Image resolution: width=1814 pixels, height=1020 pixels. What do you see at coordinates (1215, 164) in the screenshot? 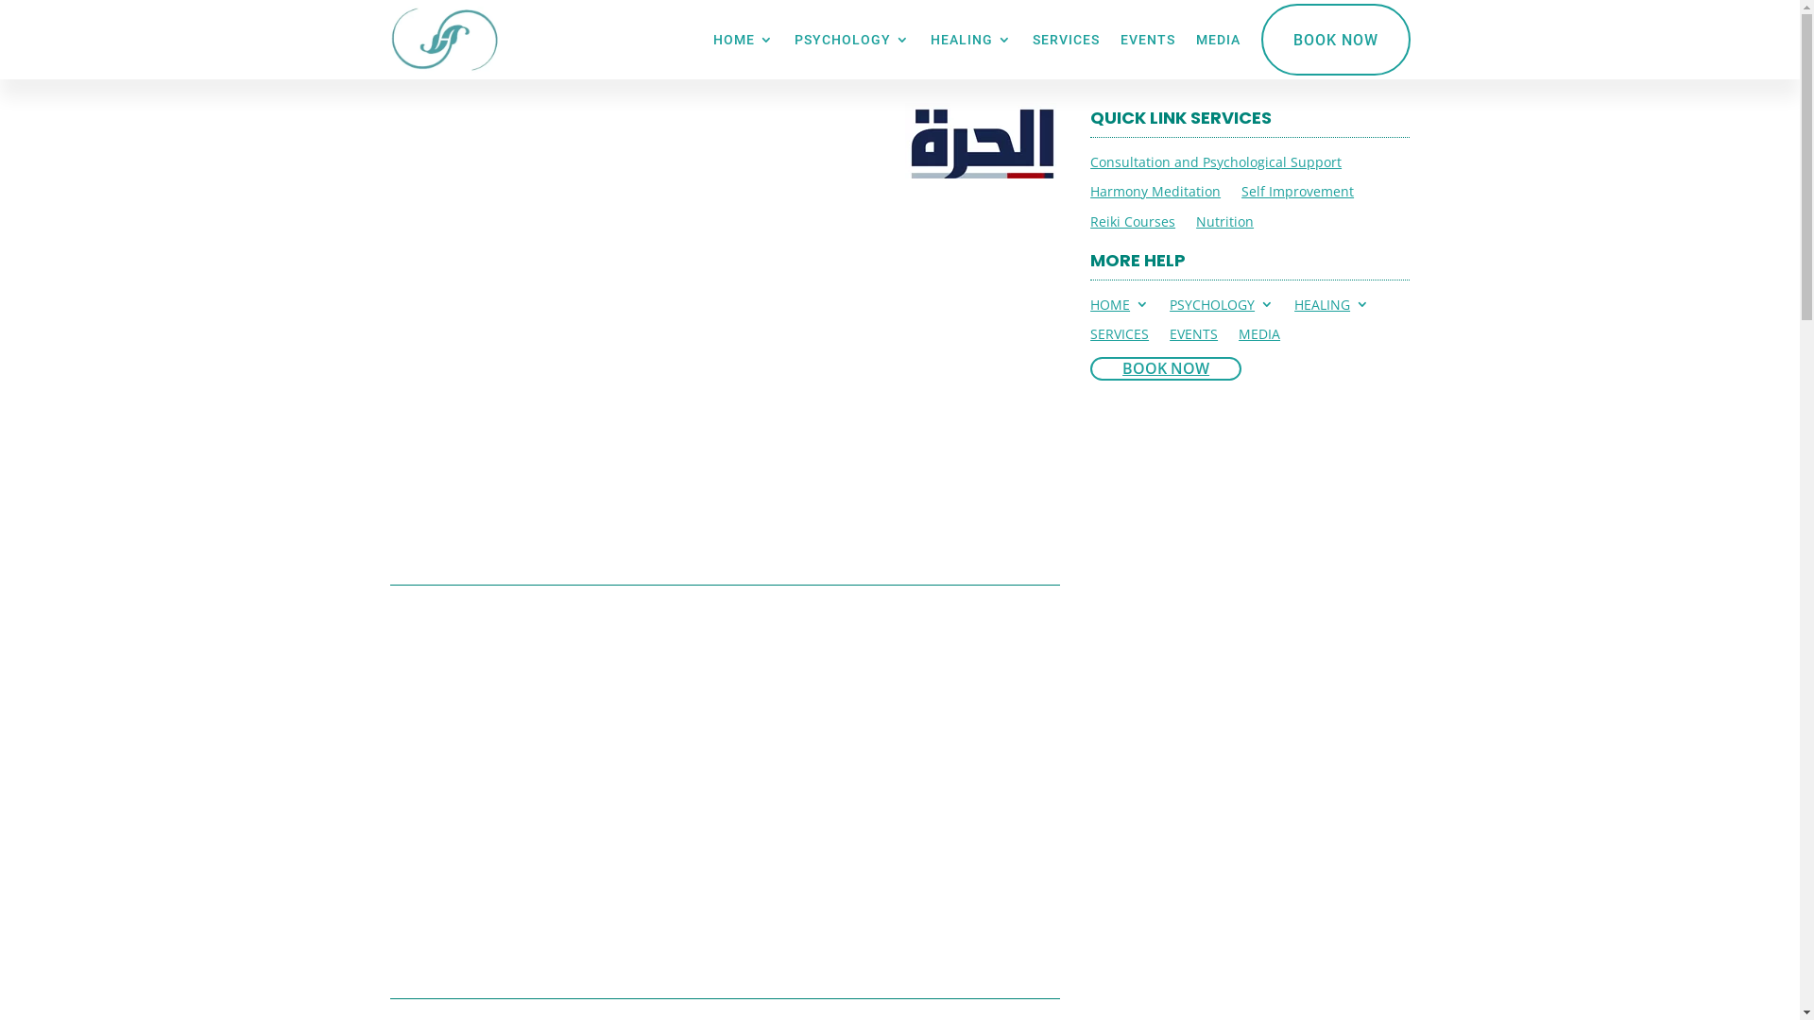
I see `'Consultation and Psychological Support'` at bounding box center [1215, 164].